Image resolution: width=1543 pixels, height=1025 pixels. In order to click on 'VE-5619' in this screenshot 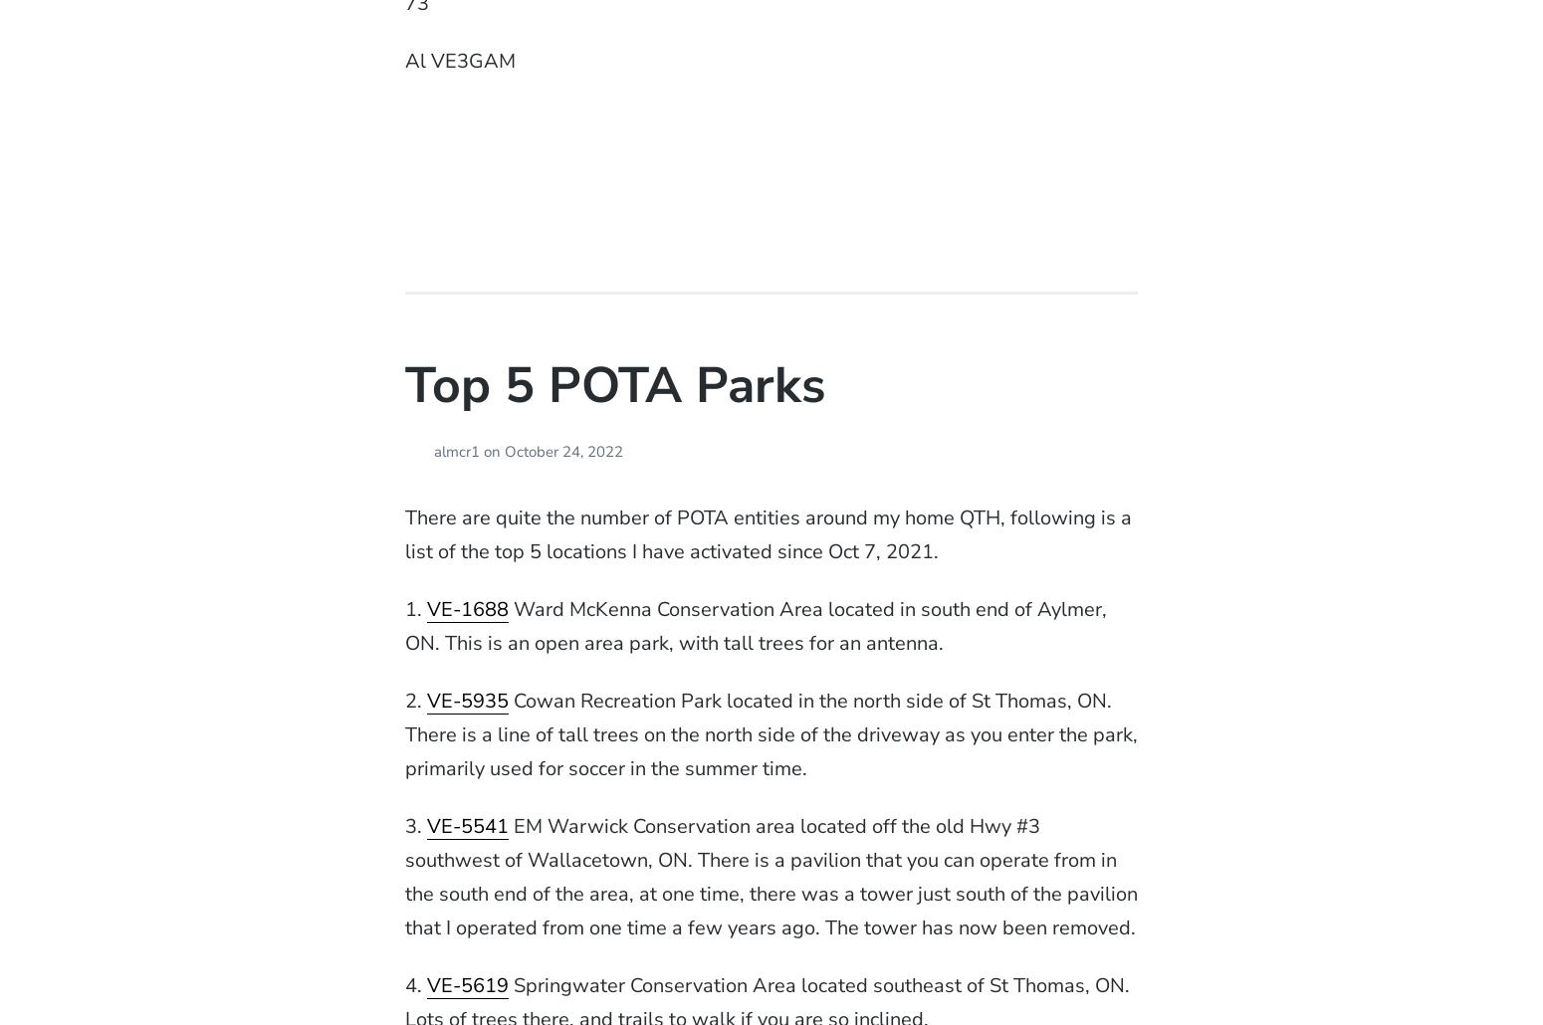, I will do `click(466, 984)`.